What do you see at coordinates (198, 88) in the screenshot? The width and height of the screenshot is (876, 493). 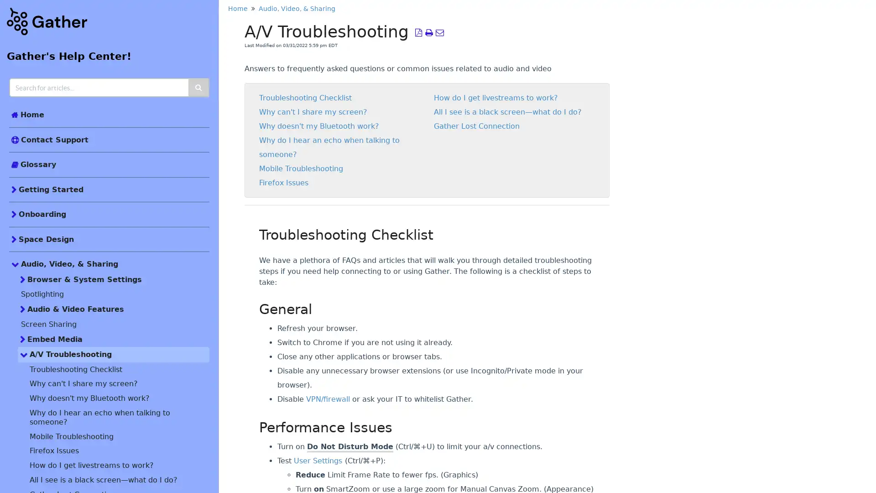 I see `Search` at bounding box center [198, 88].